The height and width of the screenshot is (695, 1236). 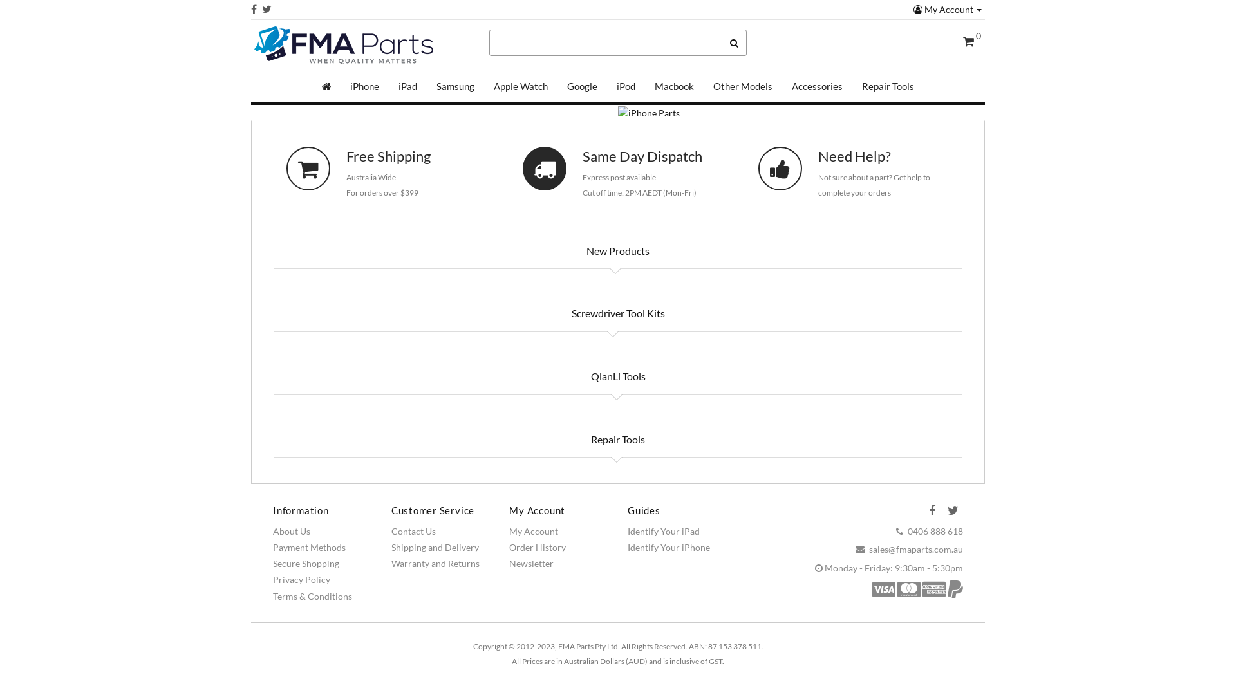 What do you see at coordinates (455, 86) in the screenshot?
I see `'Samsung'` at bounding box center [455, 86].